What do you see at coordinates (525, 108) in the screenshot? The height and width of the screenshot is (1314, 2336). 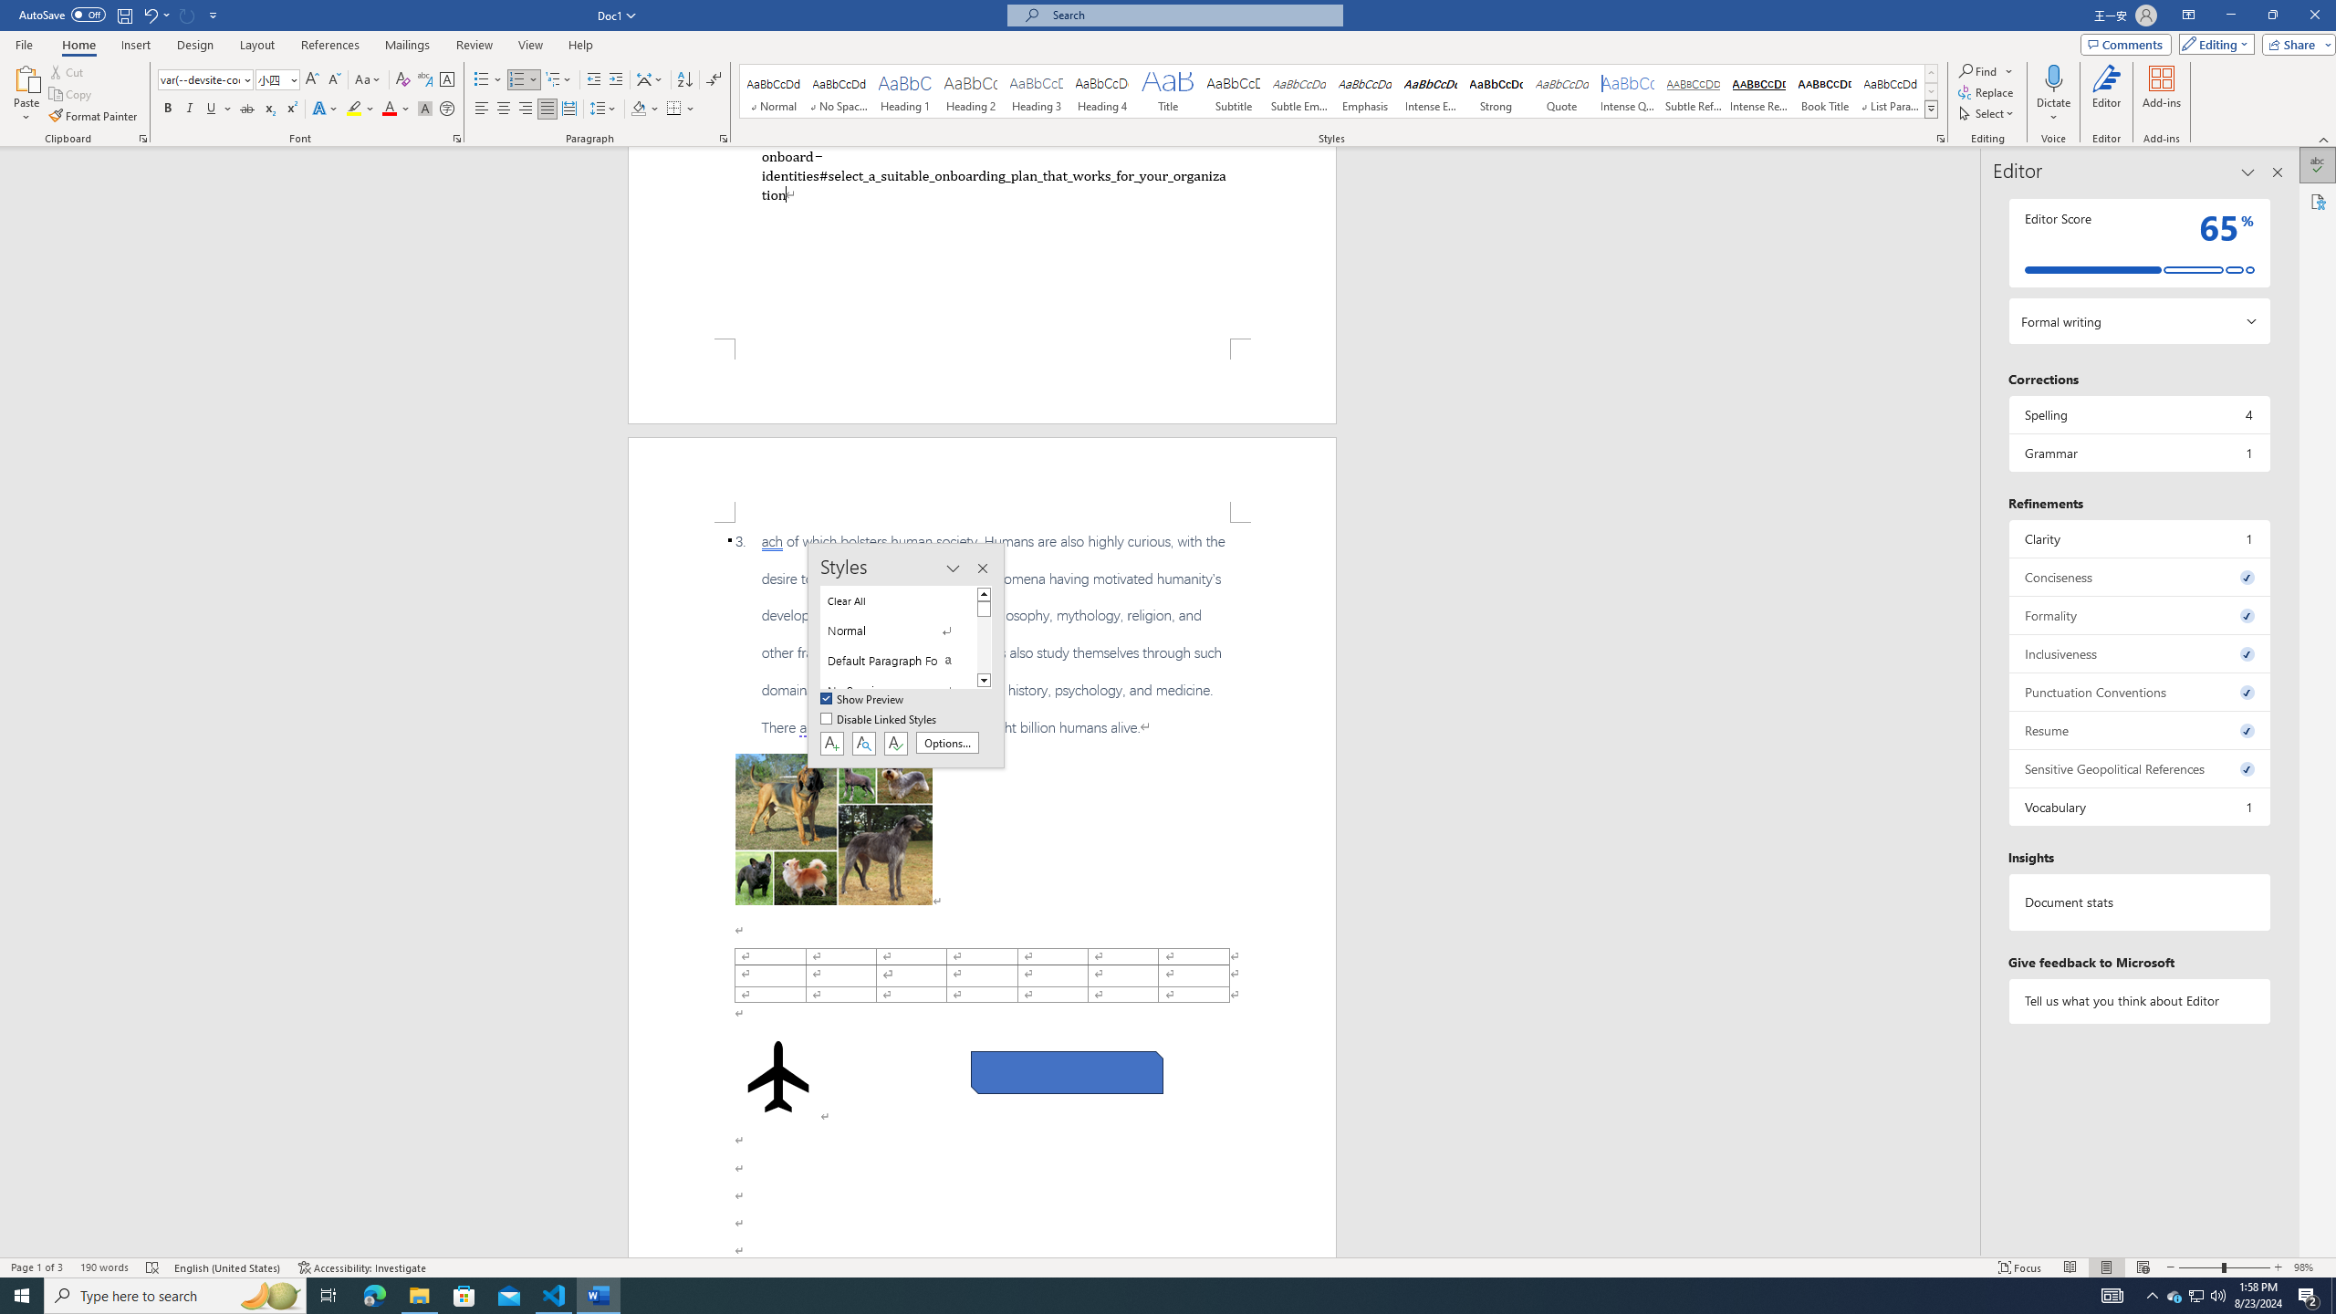 I see `'Align Right'` at bounding box center [525, 108].